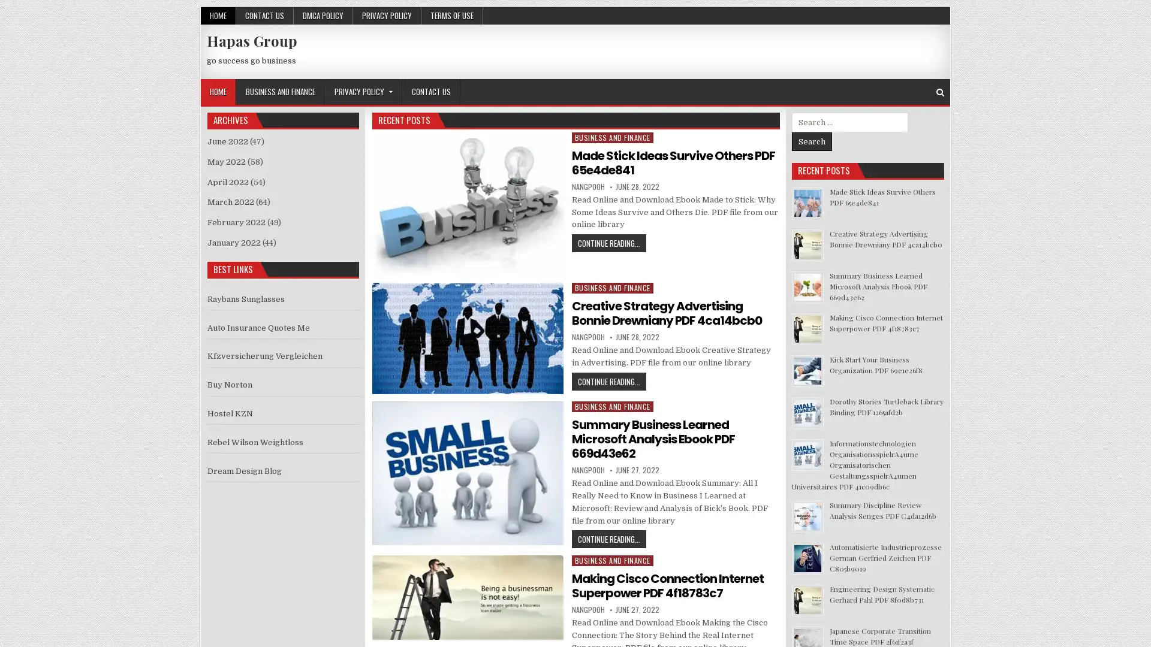 The height and width of the screenshot is (647, 1151). Describe the element at coordinates (812, 141) in the screenshot. I see `Search` at that location.